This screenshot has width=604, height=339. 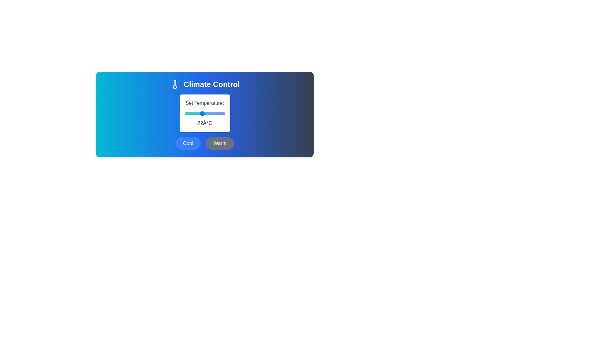 What do you see at coordinates (184, 114) in the screenshot?
I see `the desired temperature` at bounding box center [184, 114].